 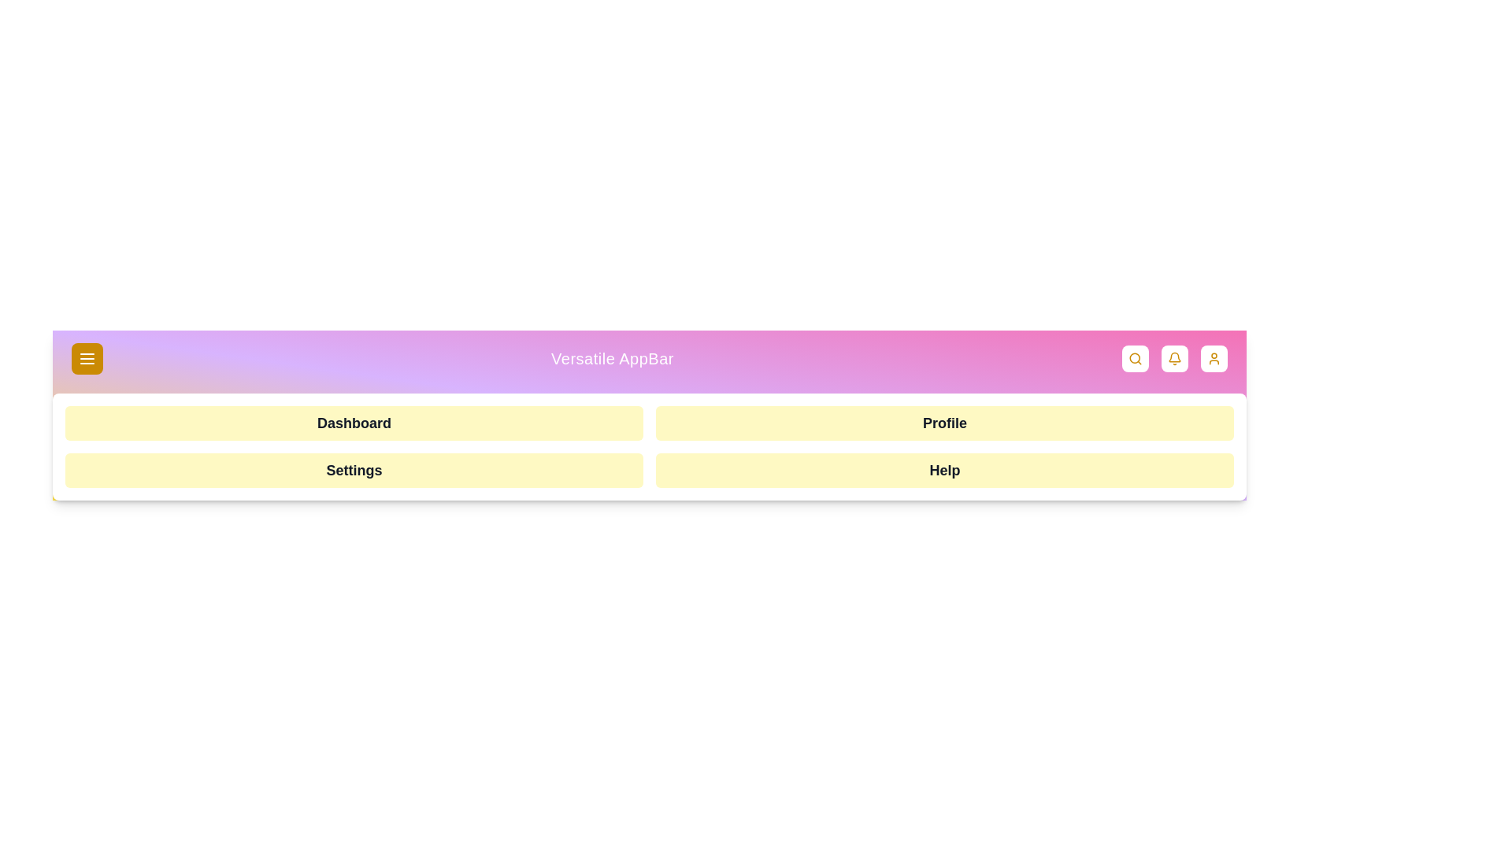 I want to click on the 'Help' option in the navigation menu, so click(x=945, y=469).